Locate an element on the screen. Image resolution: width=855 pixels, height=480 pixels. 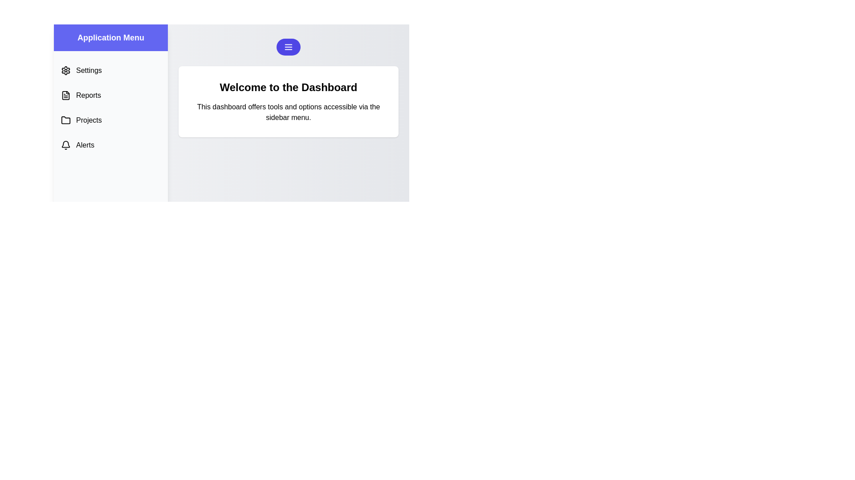
menu button to toggle the sidebar visibility is located at coordinates (289, 47).